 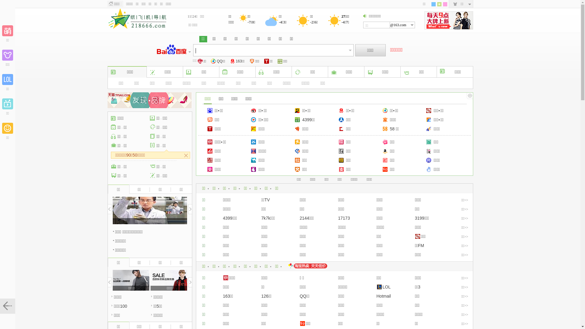 What do you see at coordinates (344, 218) in the screenshot?
I see `'17173'` at bounding box center [344, 218].